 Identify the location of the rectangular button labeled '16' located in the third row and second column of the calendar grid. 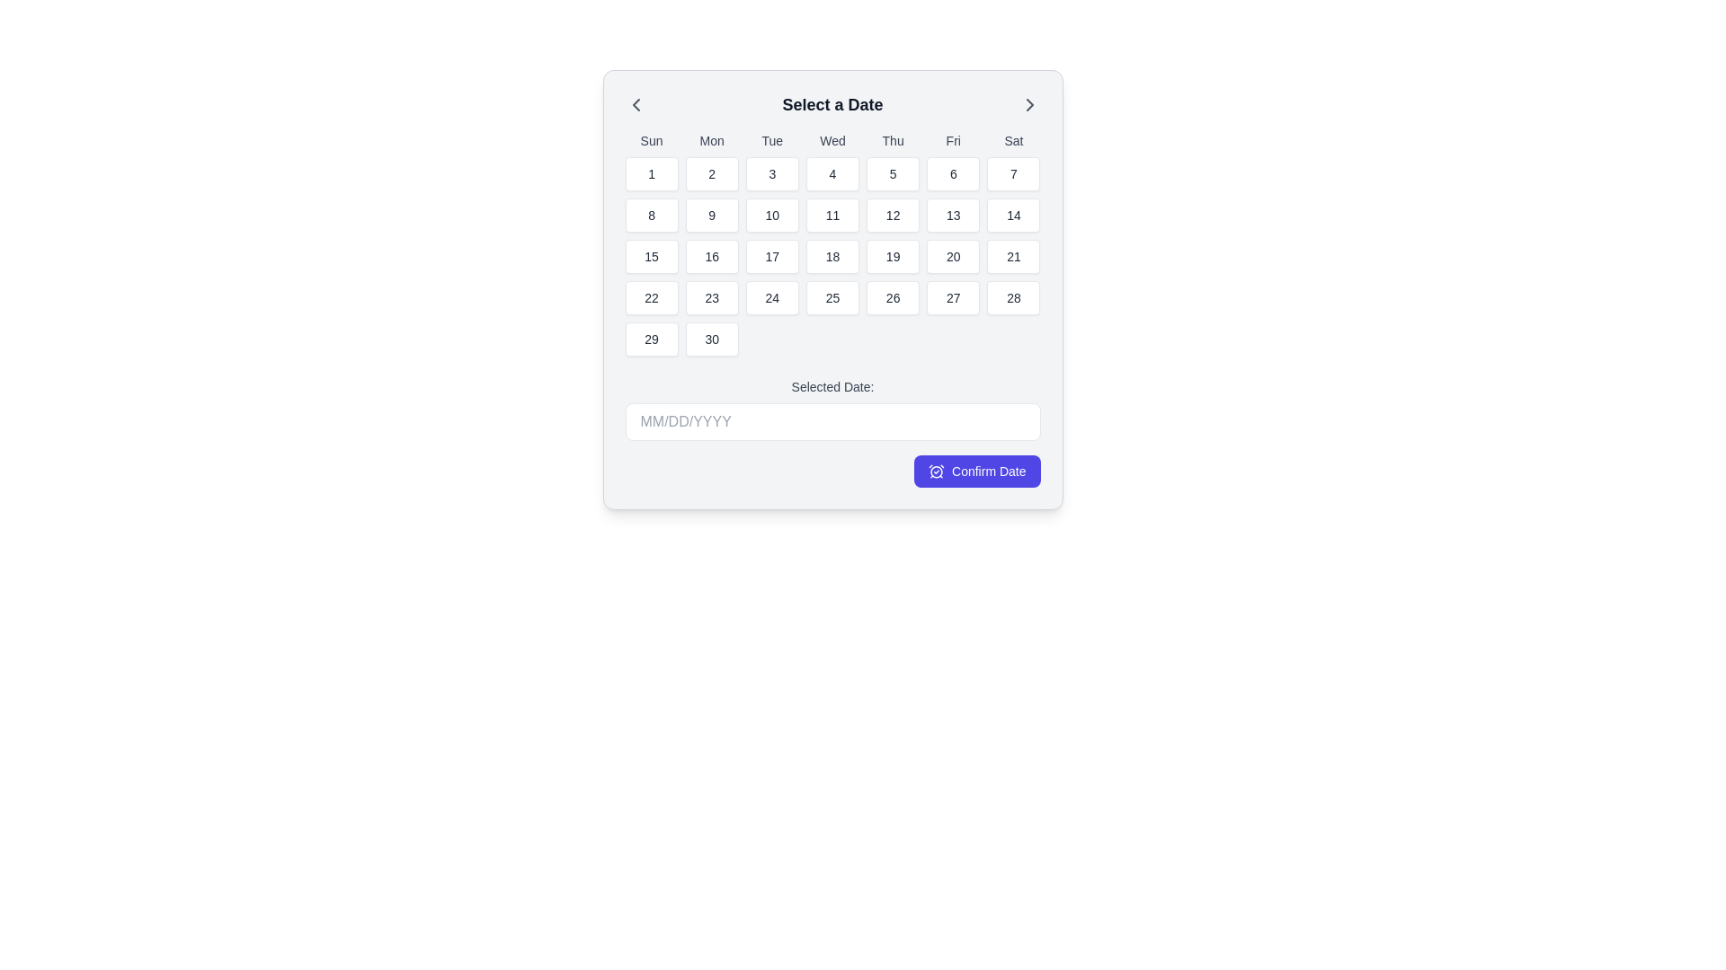
(711, 256).